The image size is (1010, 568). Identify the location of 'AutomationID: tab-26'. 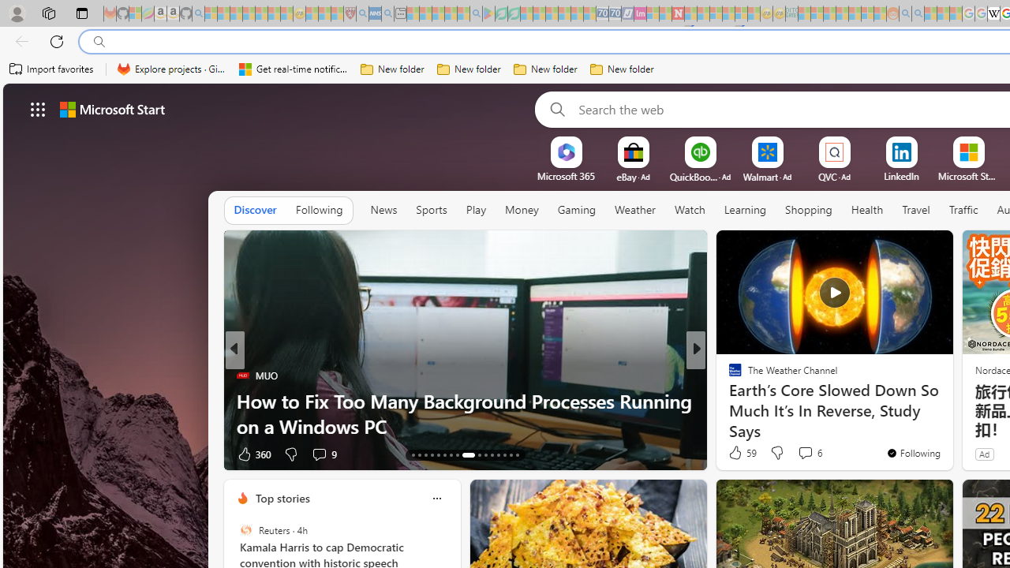
(503, 455).